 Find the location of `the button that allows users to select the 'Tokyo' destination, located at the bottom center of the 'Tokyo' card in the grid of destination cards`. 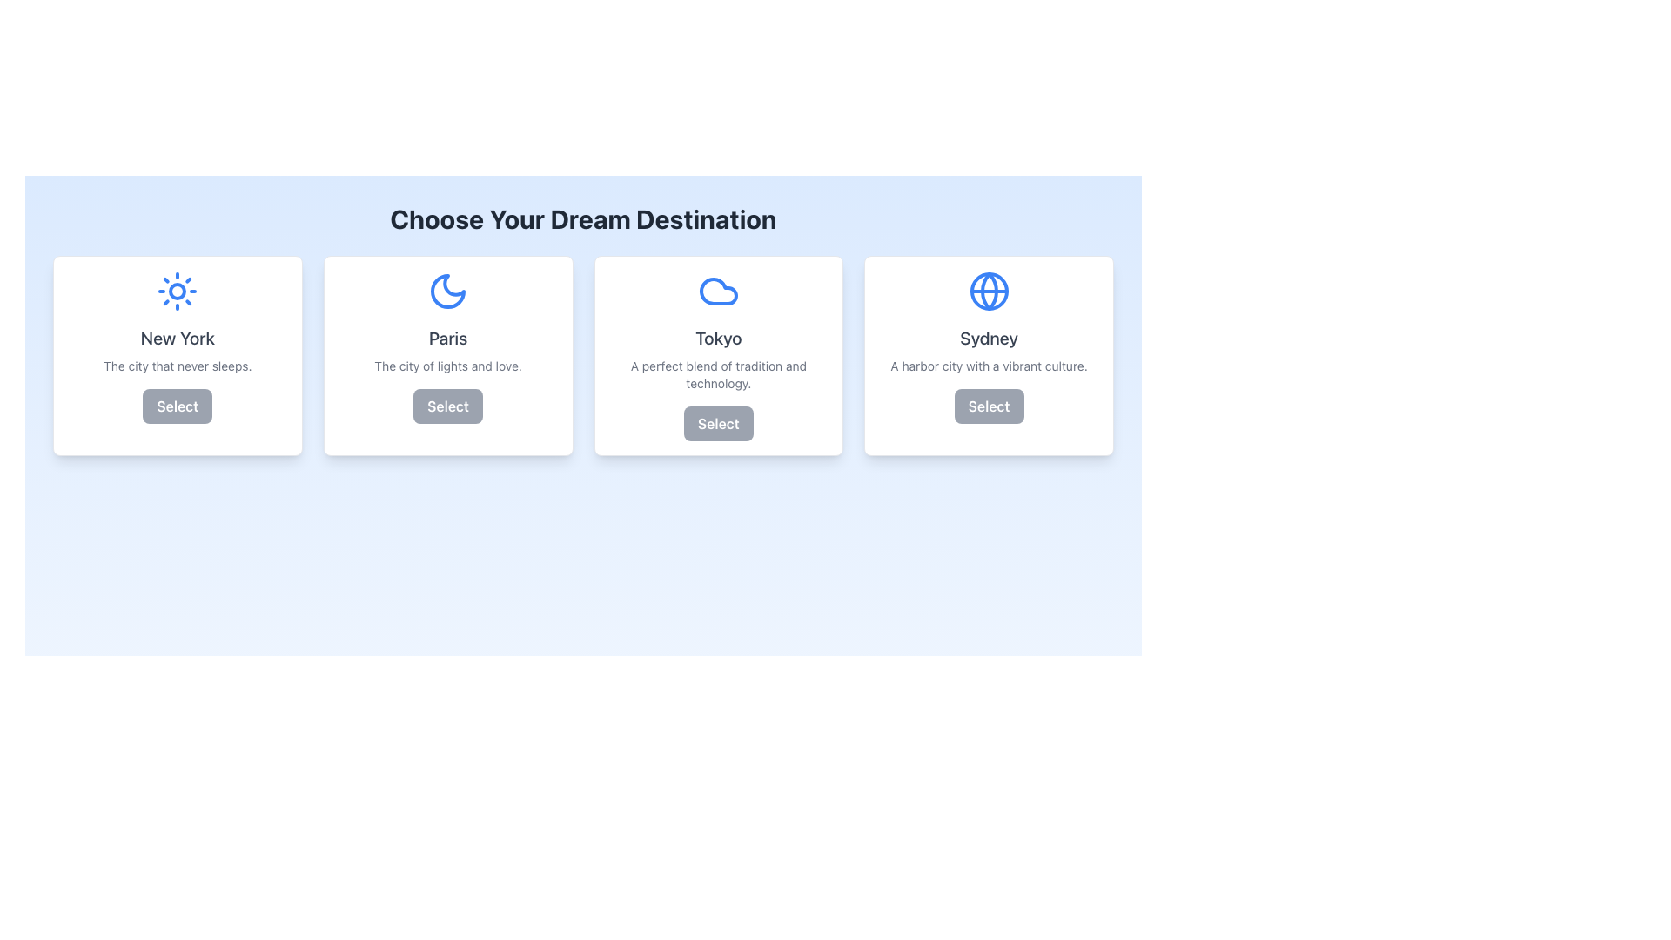

the button that allows users to select the 'Tokyo' destination, located at the bottom center of the 'Tokyo' card in the grid of destination cards is located at coordinates (718, 423).